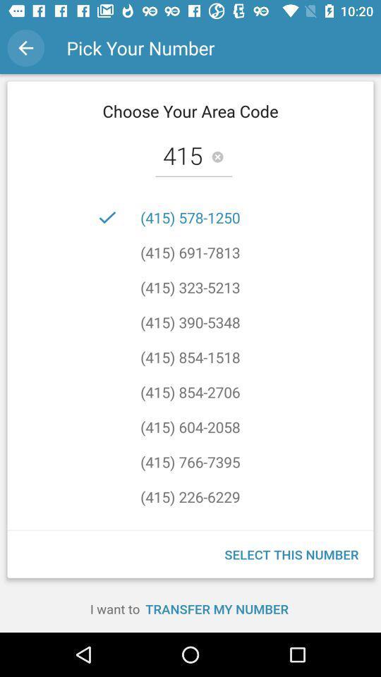 Image resolution: width=381 pixels, height=677 pixels. I want to click on the item above (415) 347-9106 item, so click(190, 496).